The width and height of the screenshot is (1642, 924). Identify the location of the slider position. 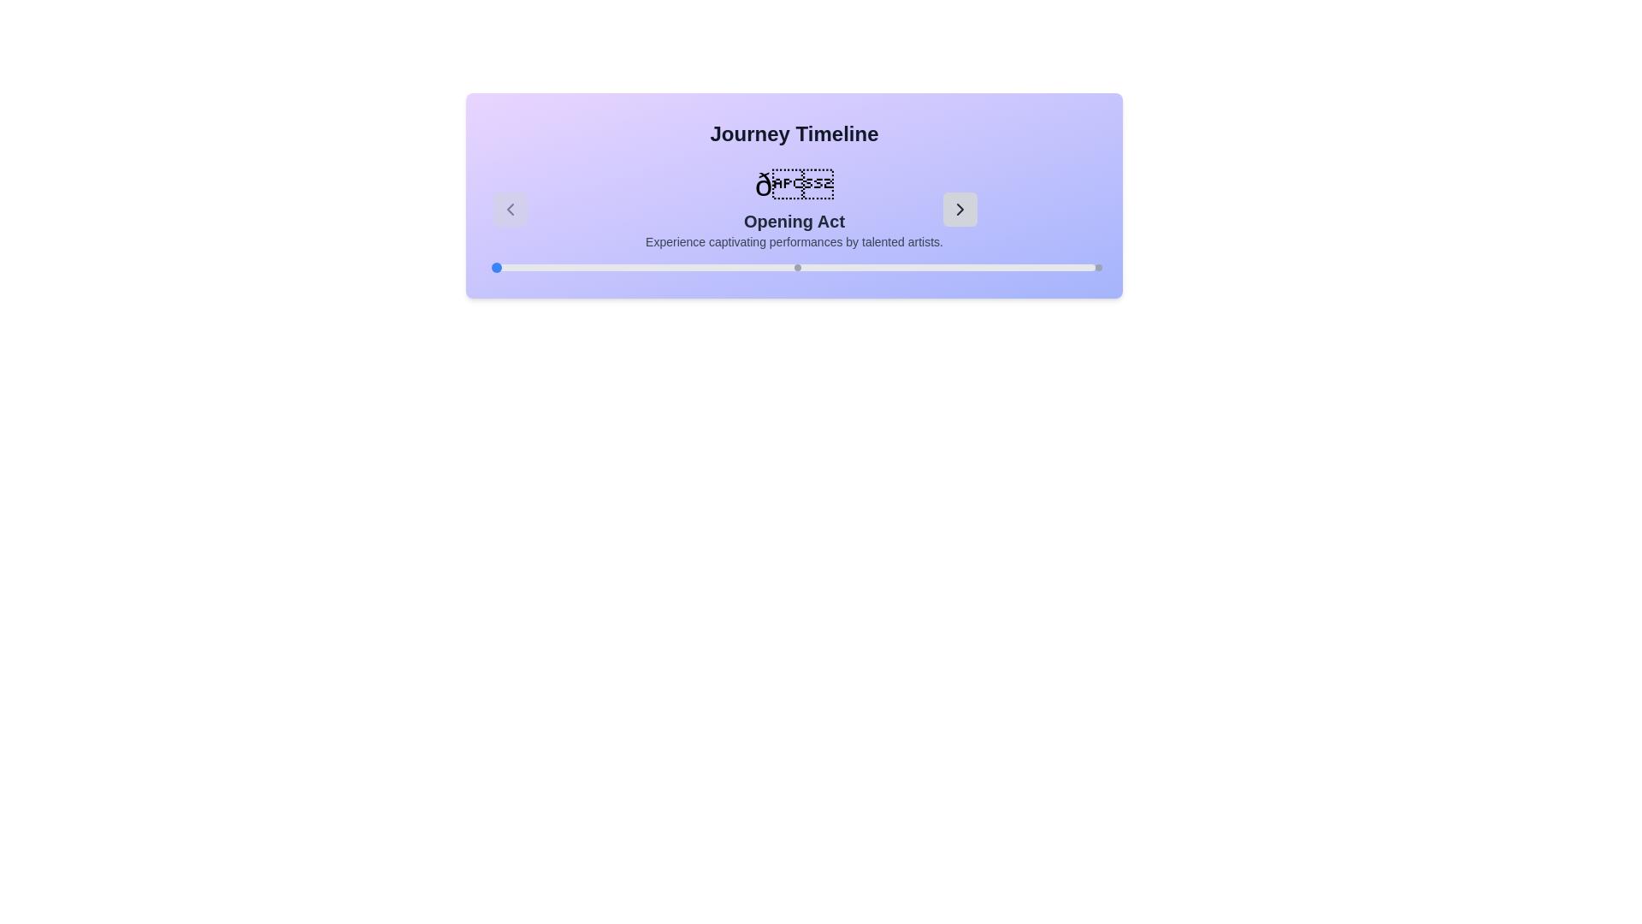
(919, 267).